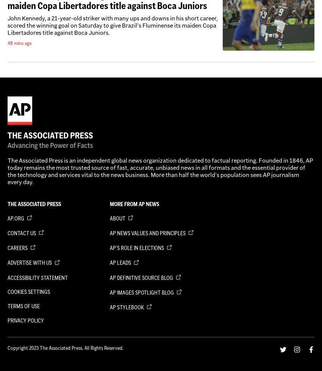 The width and height of the screenshot is (322, 371). What do you see at coordinates (148, 233) in the screenshot?
I see `'AP News Values and Principles'` at bounding box center [148, 233].